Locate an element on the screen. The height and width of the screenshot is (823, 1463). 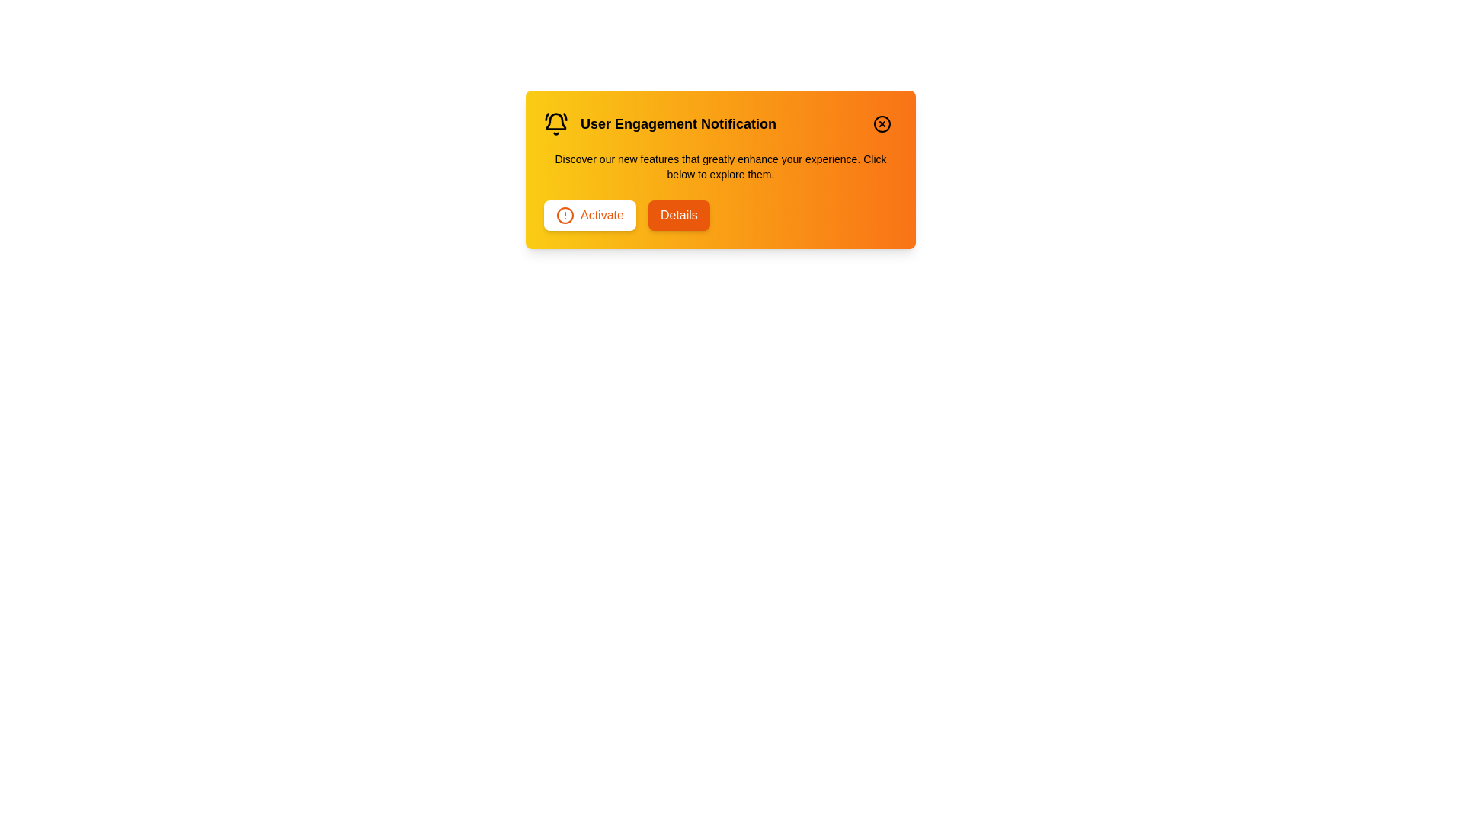
the close button to close the notification panel is located at coordinates (882, 123).